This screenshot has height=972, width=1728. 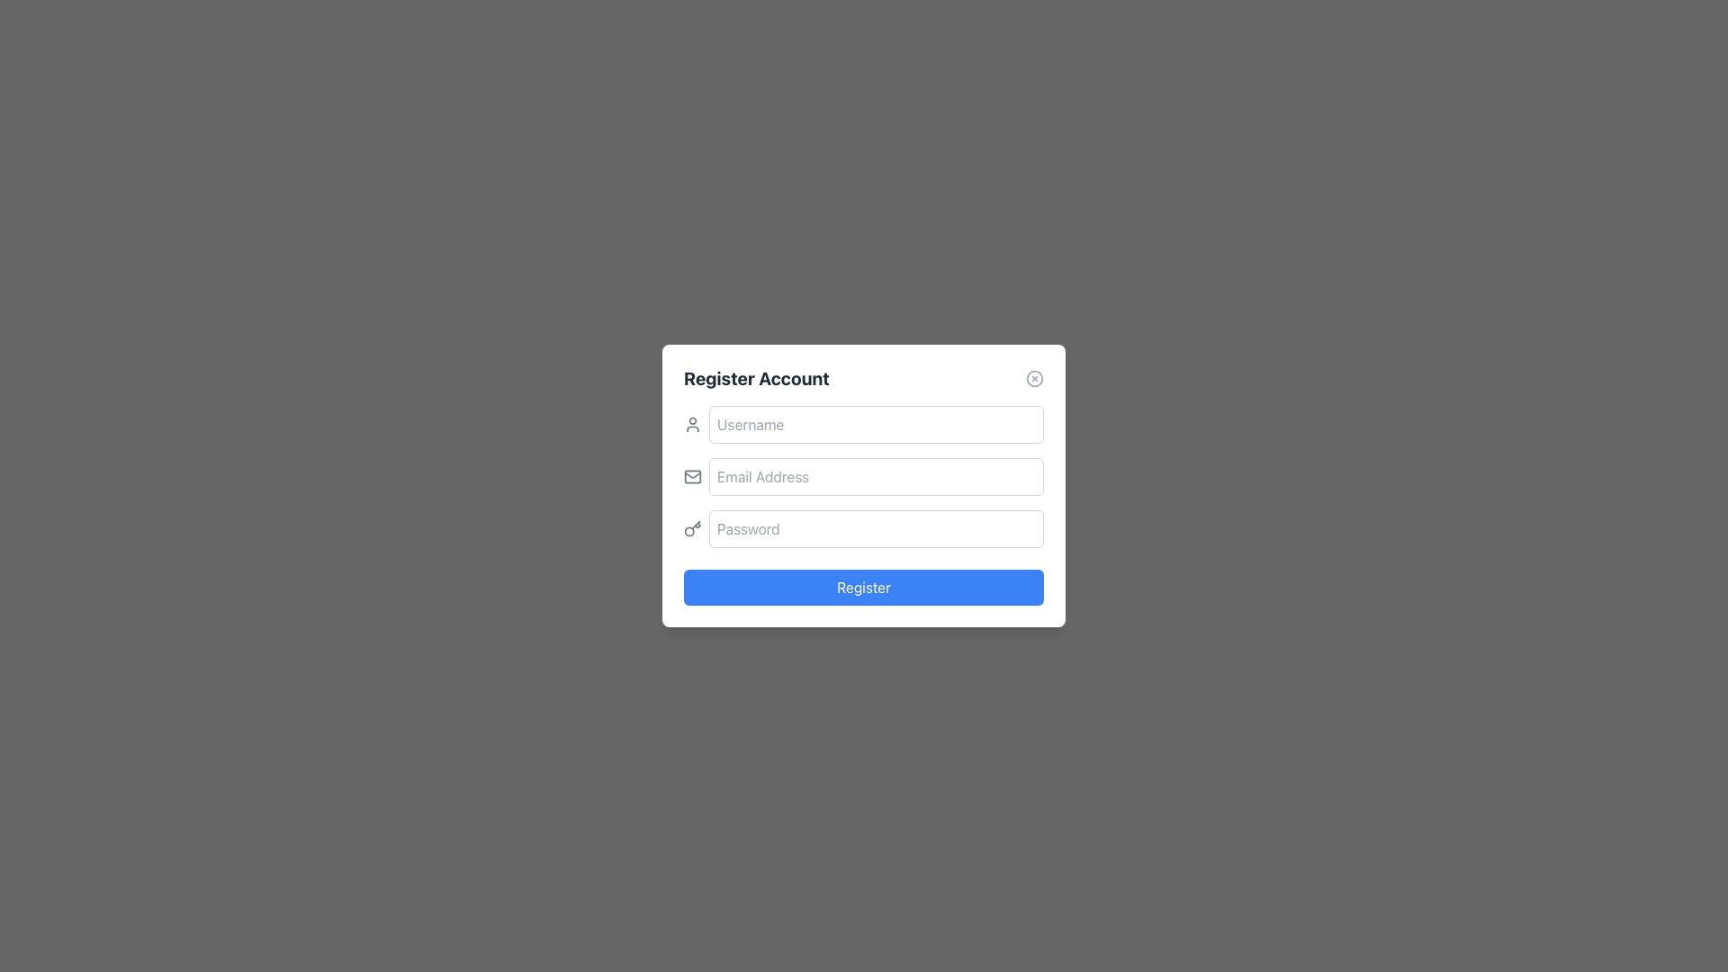 I want to click on the Password Input Field located below the Email Address field in the modal form, so click(x=877, y=527).